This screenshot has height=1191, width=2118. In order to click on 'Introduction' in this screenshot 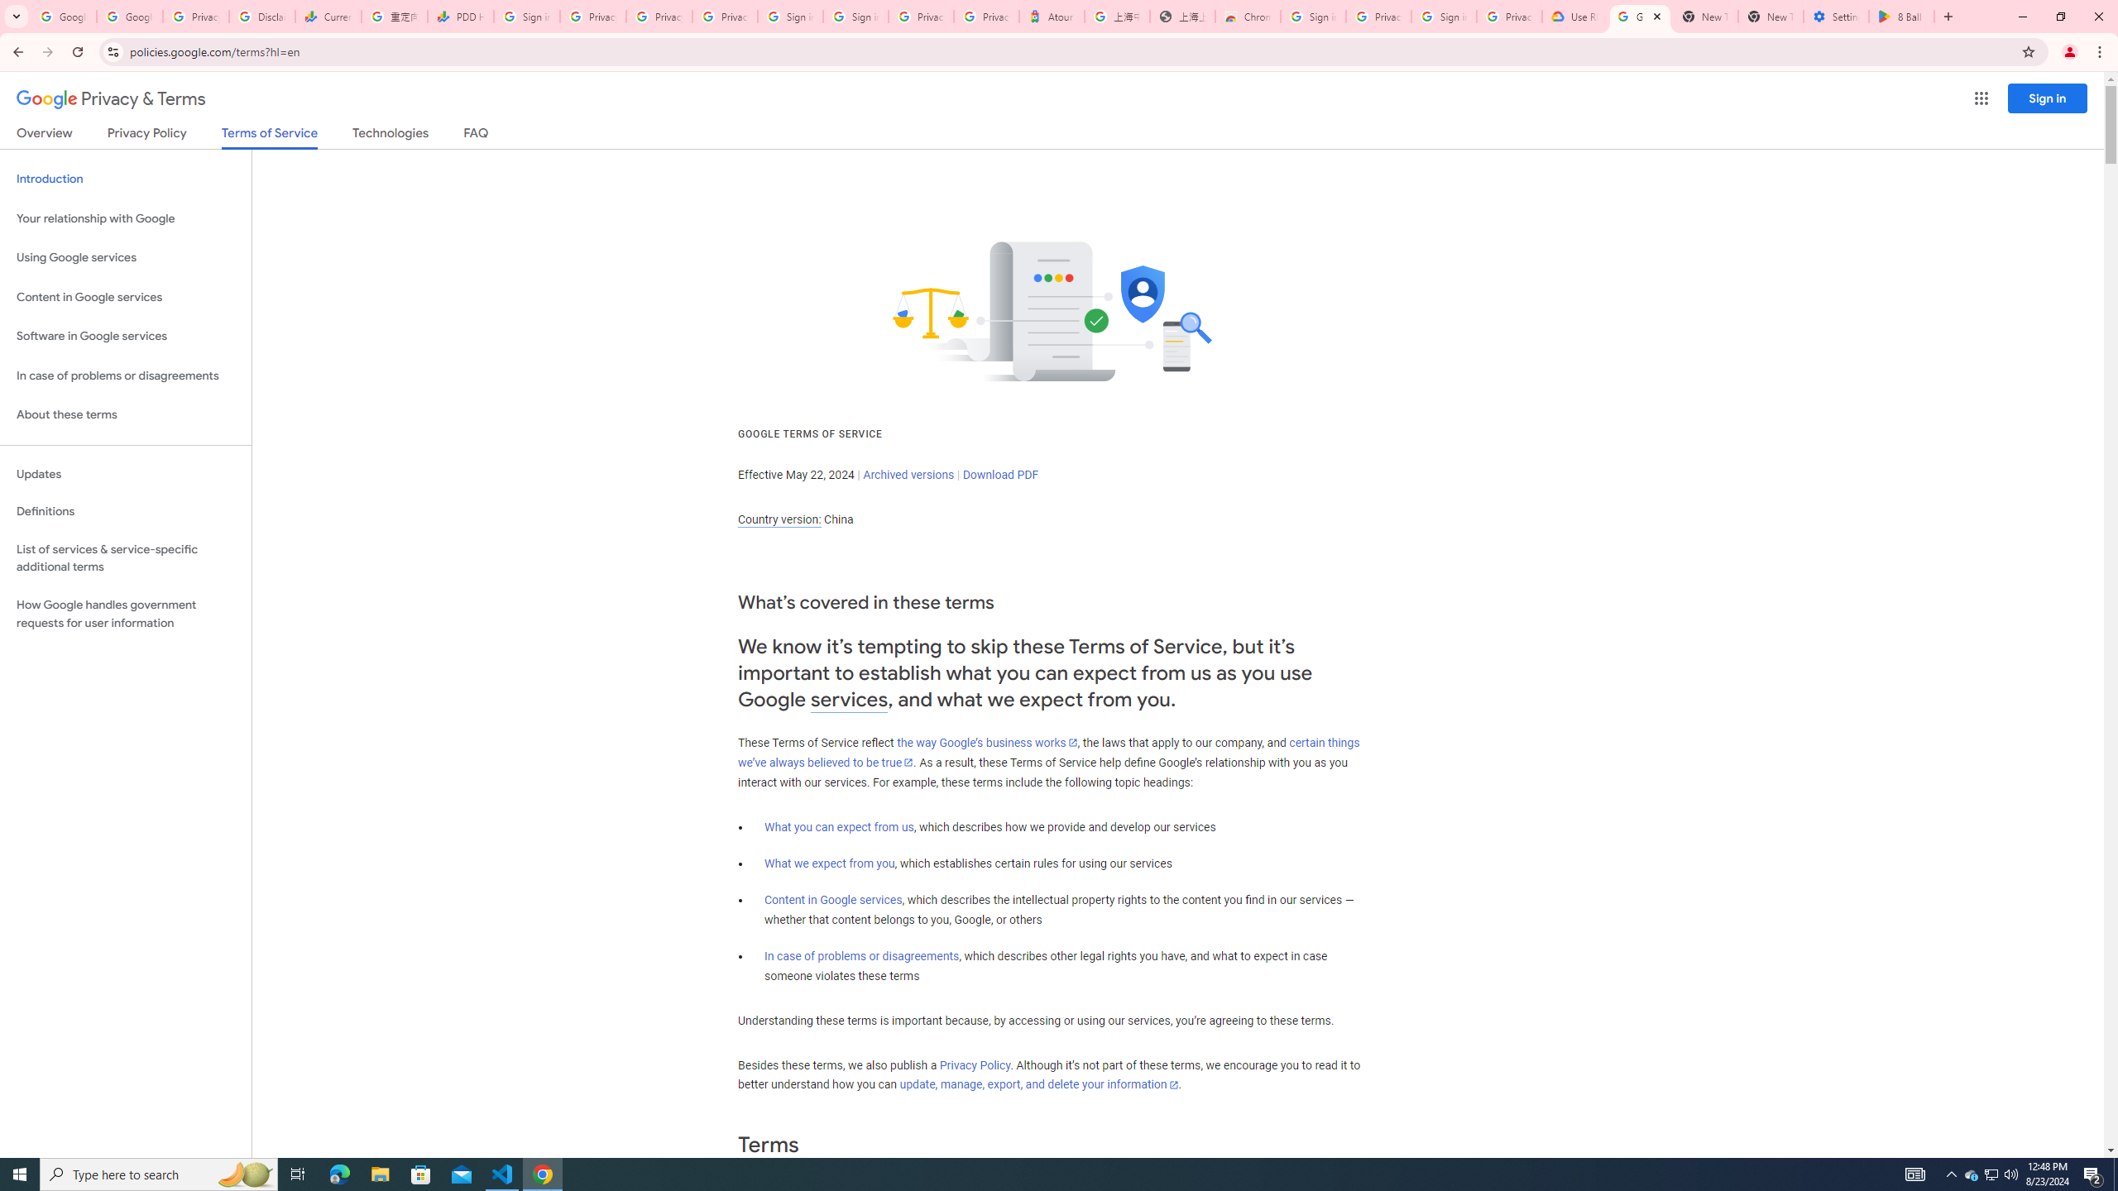, I will do `click(125, 178)`.